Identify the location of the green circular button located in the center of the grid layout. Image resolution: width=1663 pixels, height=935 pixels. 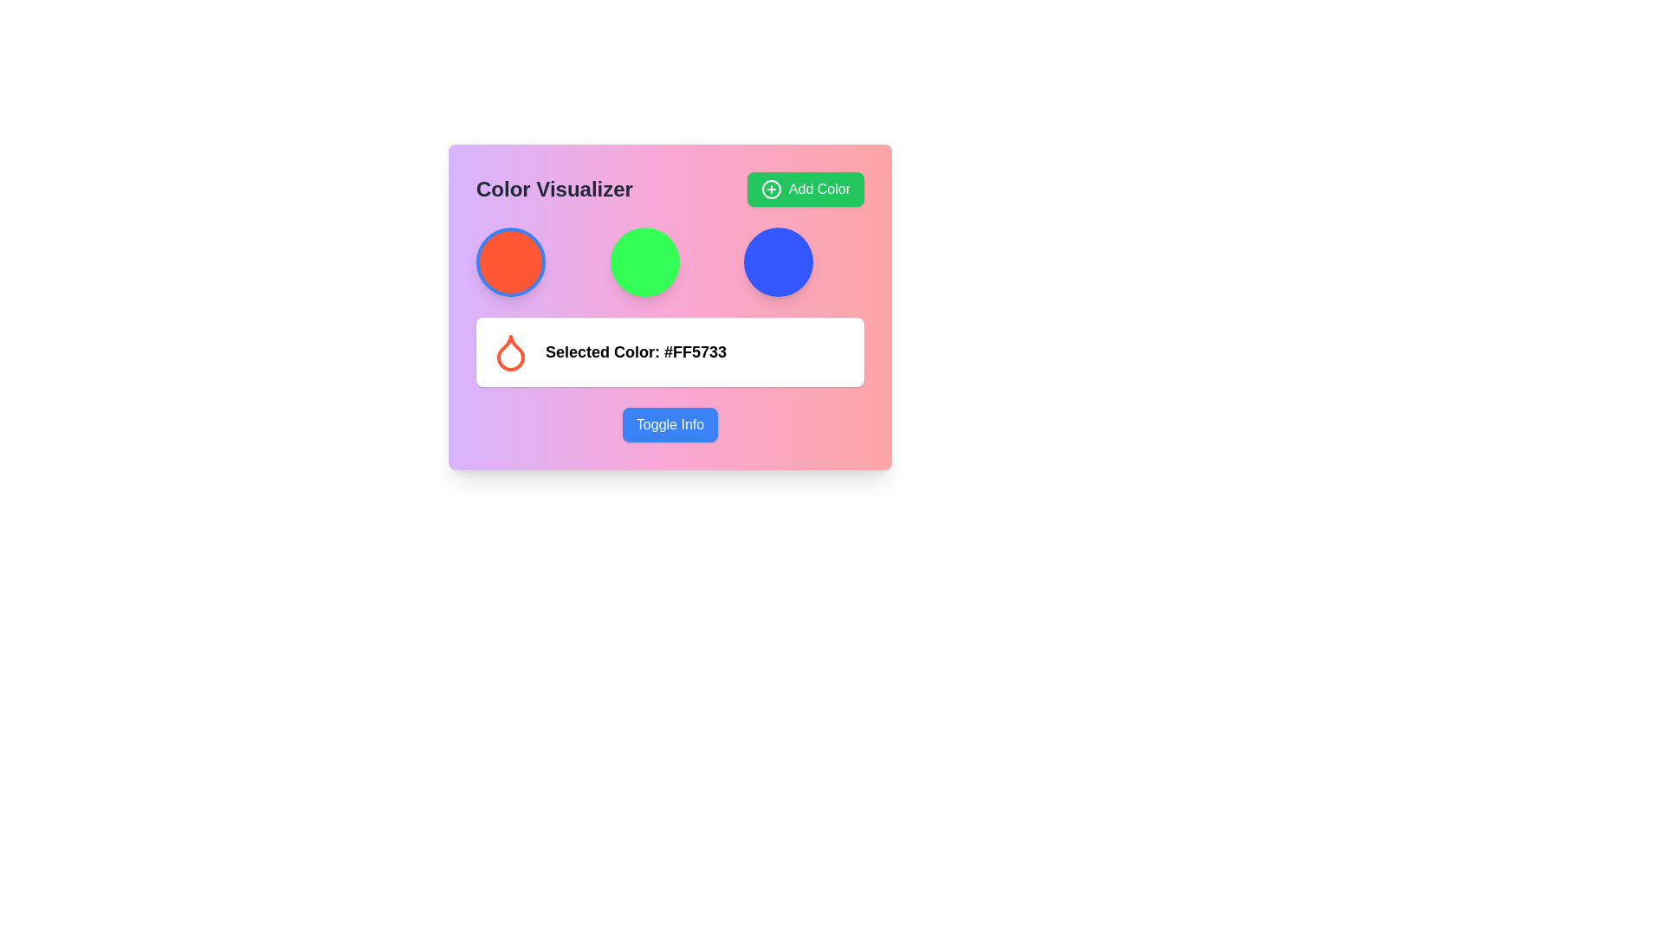
(644, 262).